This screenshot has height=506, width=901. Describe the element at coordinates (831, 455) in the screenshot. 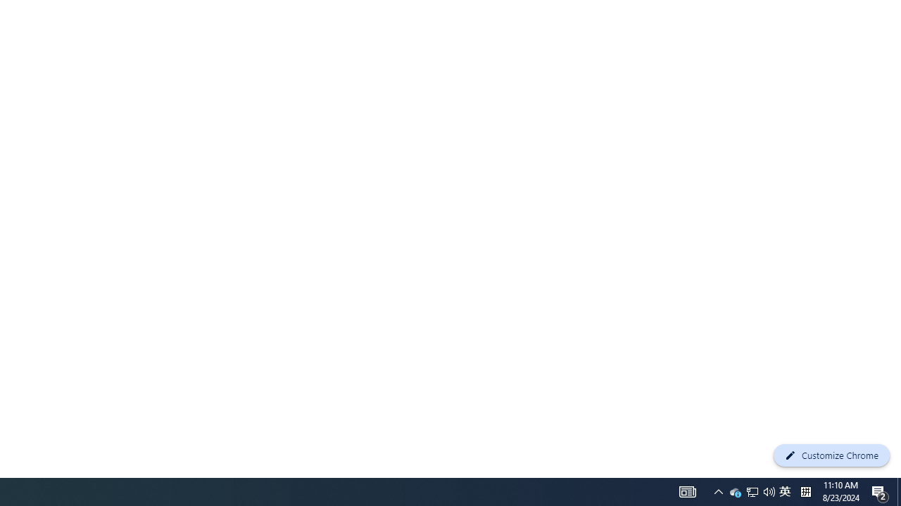

I see `'Customize Chrome'` at that location.